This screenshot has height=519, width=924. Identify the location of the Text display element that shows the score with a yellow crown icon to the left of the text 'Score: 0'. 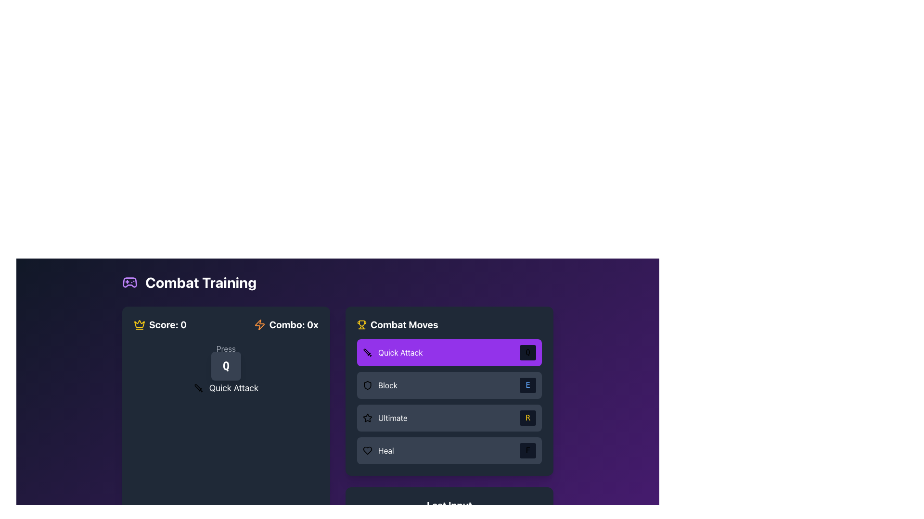
(160, 324).